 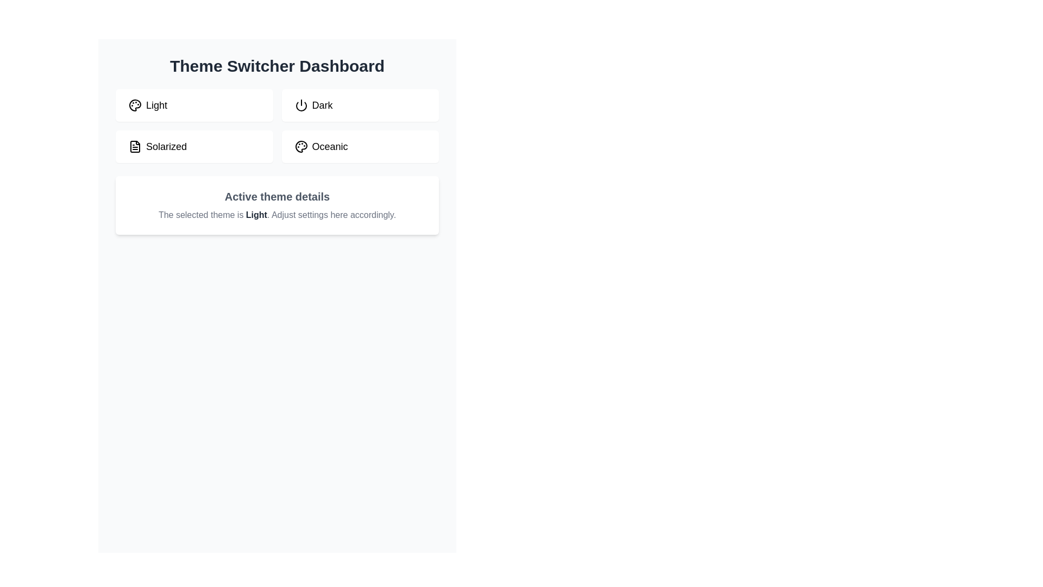 I want to click on the power icon within the 'Dark' button in the Theme Switcher Dashboard via keyboard navigation, so click(x=301, y=105).